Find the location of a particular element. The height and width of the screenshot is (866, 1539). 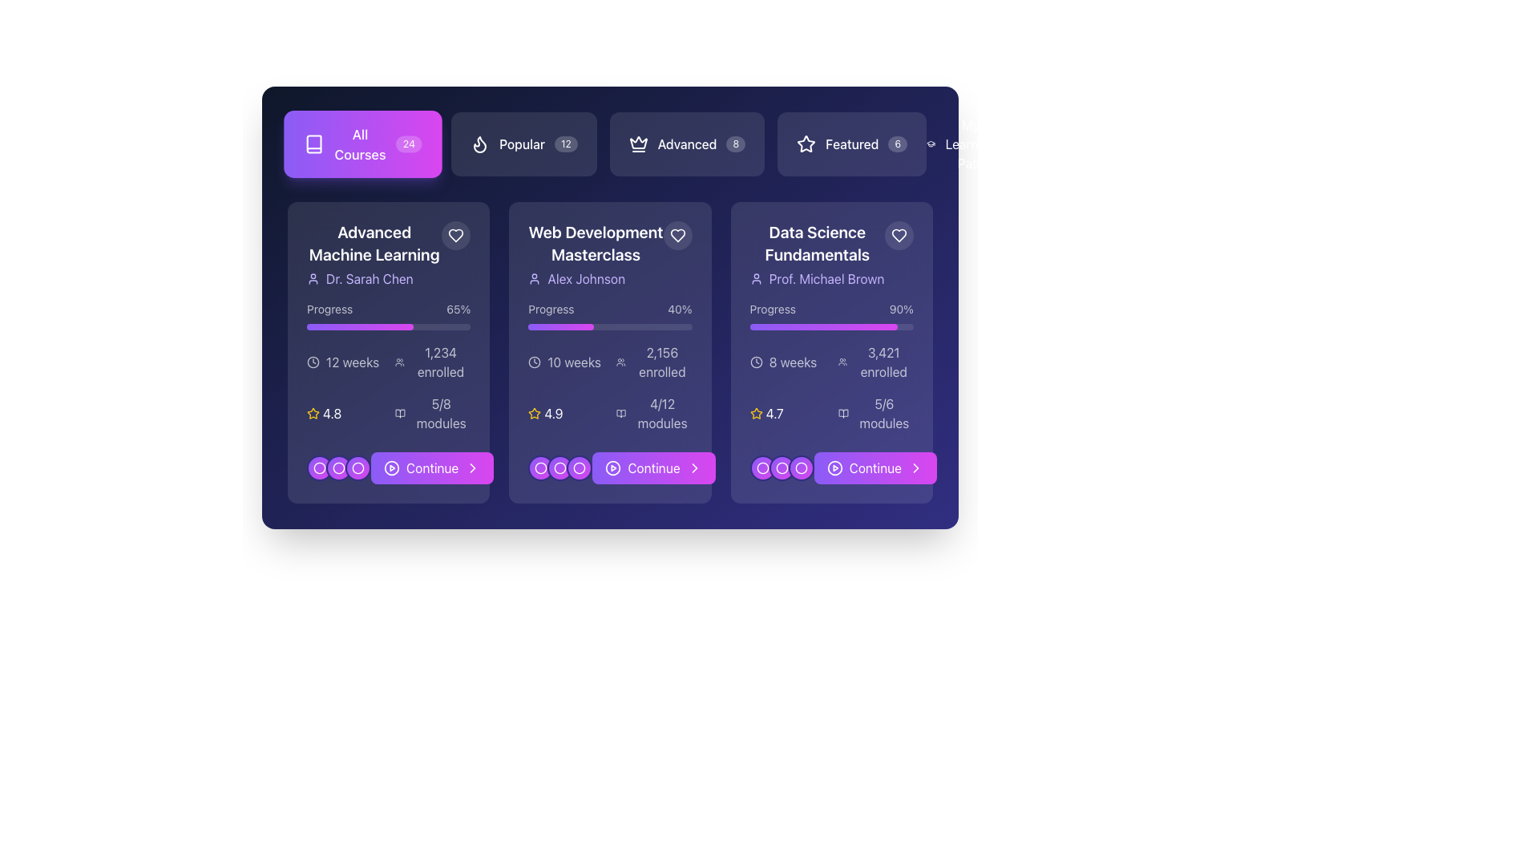

the third circular navigation indicator located at the bottom of the 'Advanced Machine Learning' card is located at coordinates (357, 467).